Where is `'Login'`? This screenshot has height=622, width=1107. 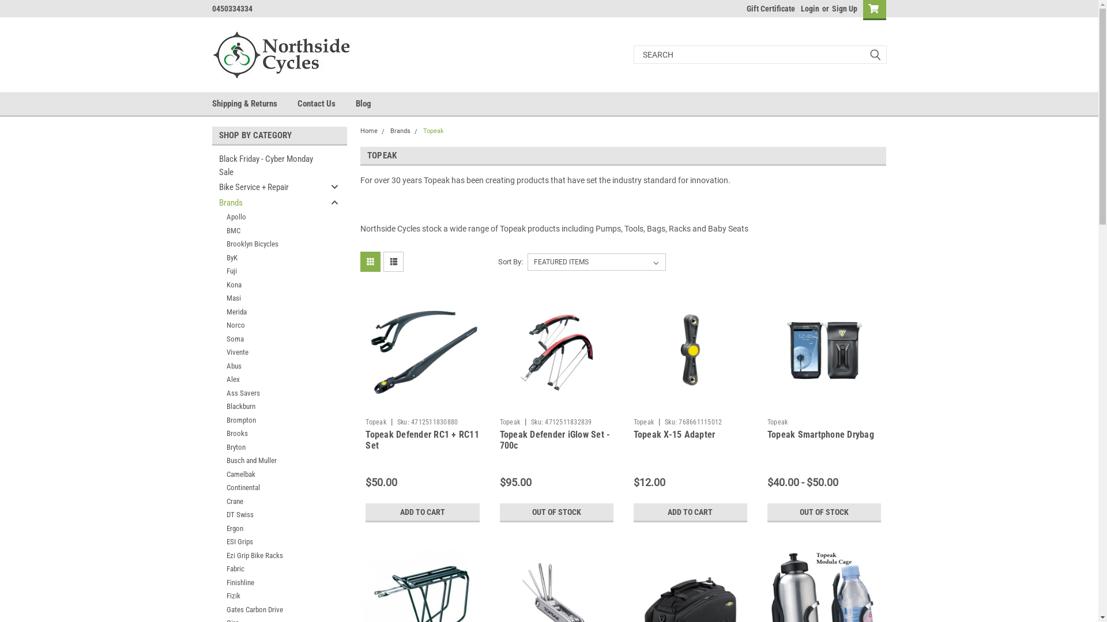
'Login' is located at coordinates (799, 9).